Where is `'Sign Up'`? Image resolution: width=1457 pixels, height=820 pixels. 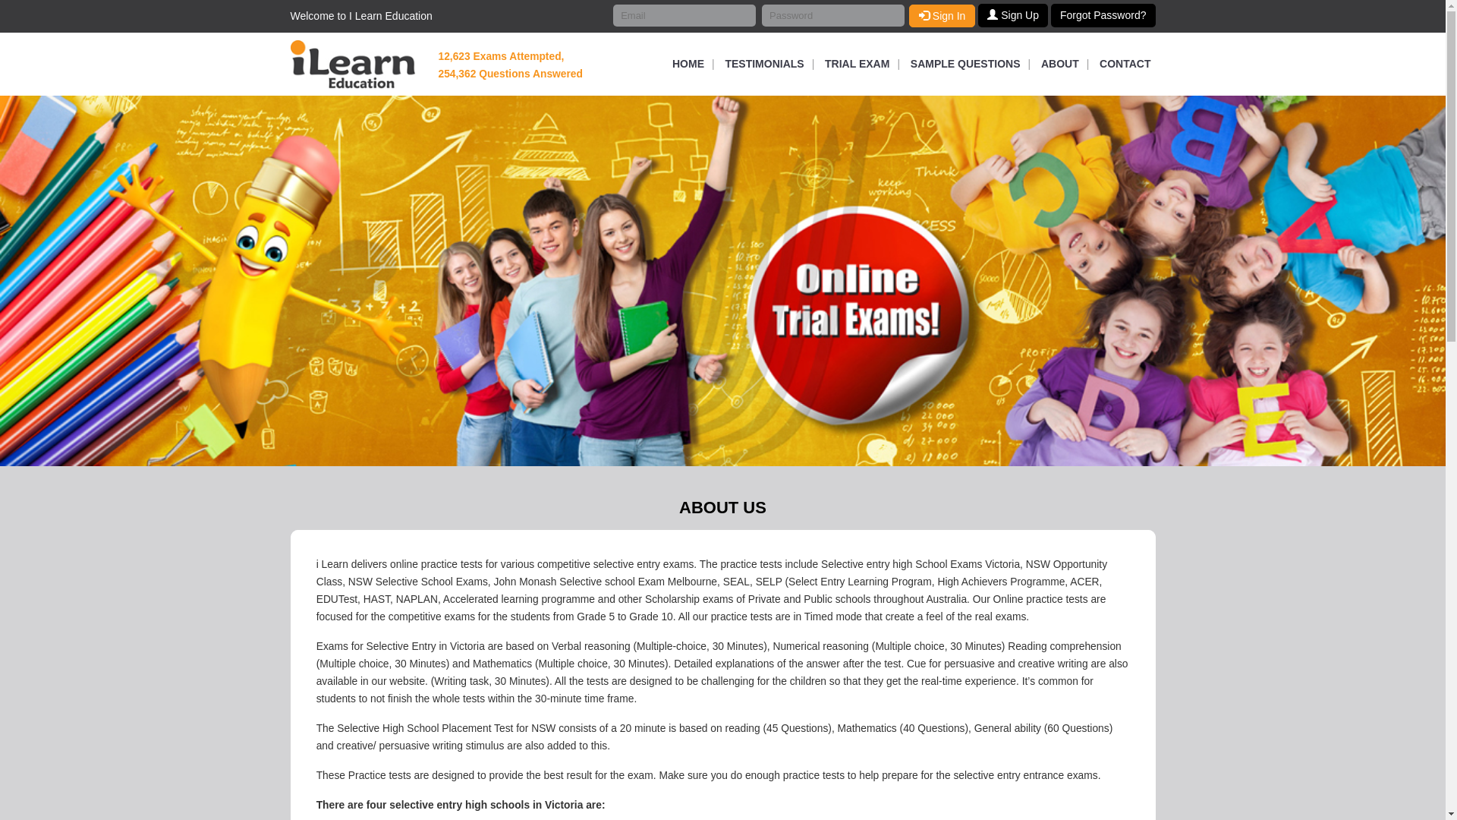
'Sign Up' is located at coordinates (1012, 15).